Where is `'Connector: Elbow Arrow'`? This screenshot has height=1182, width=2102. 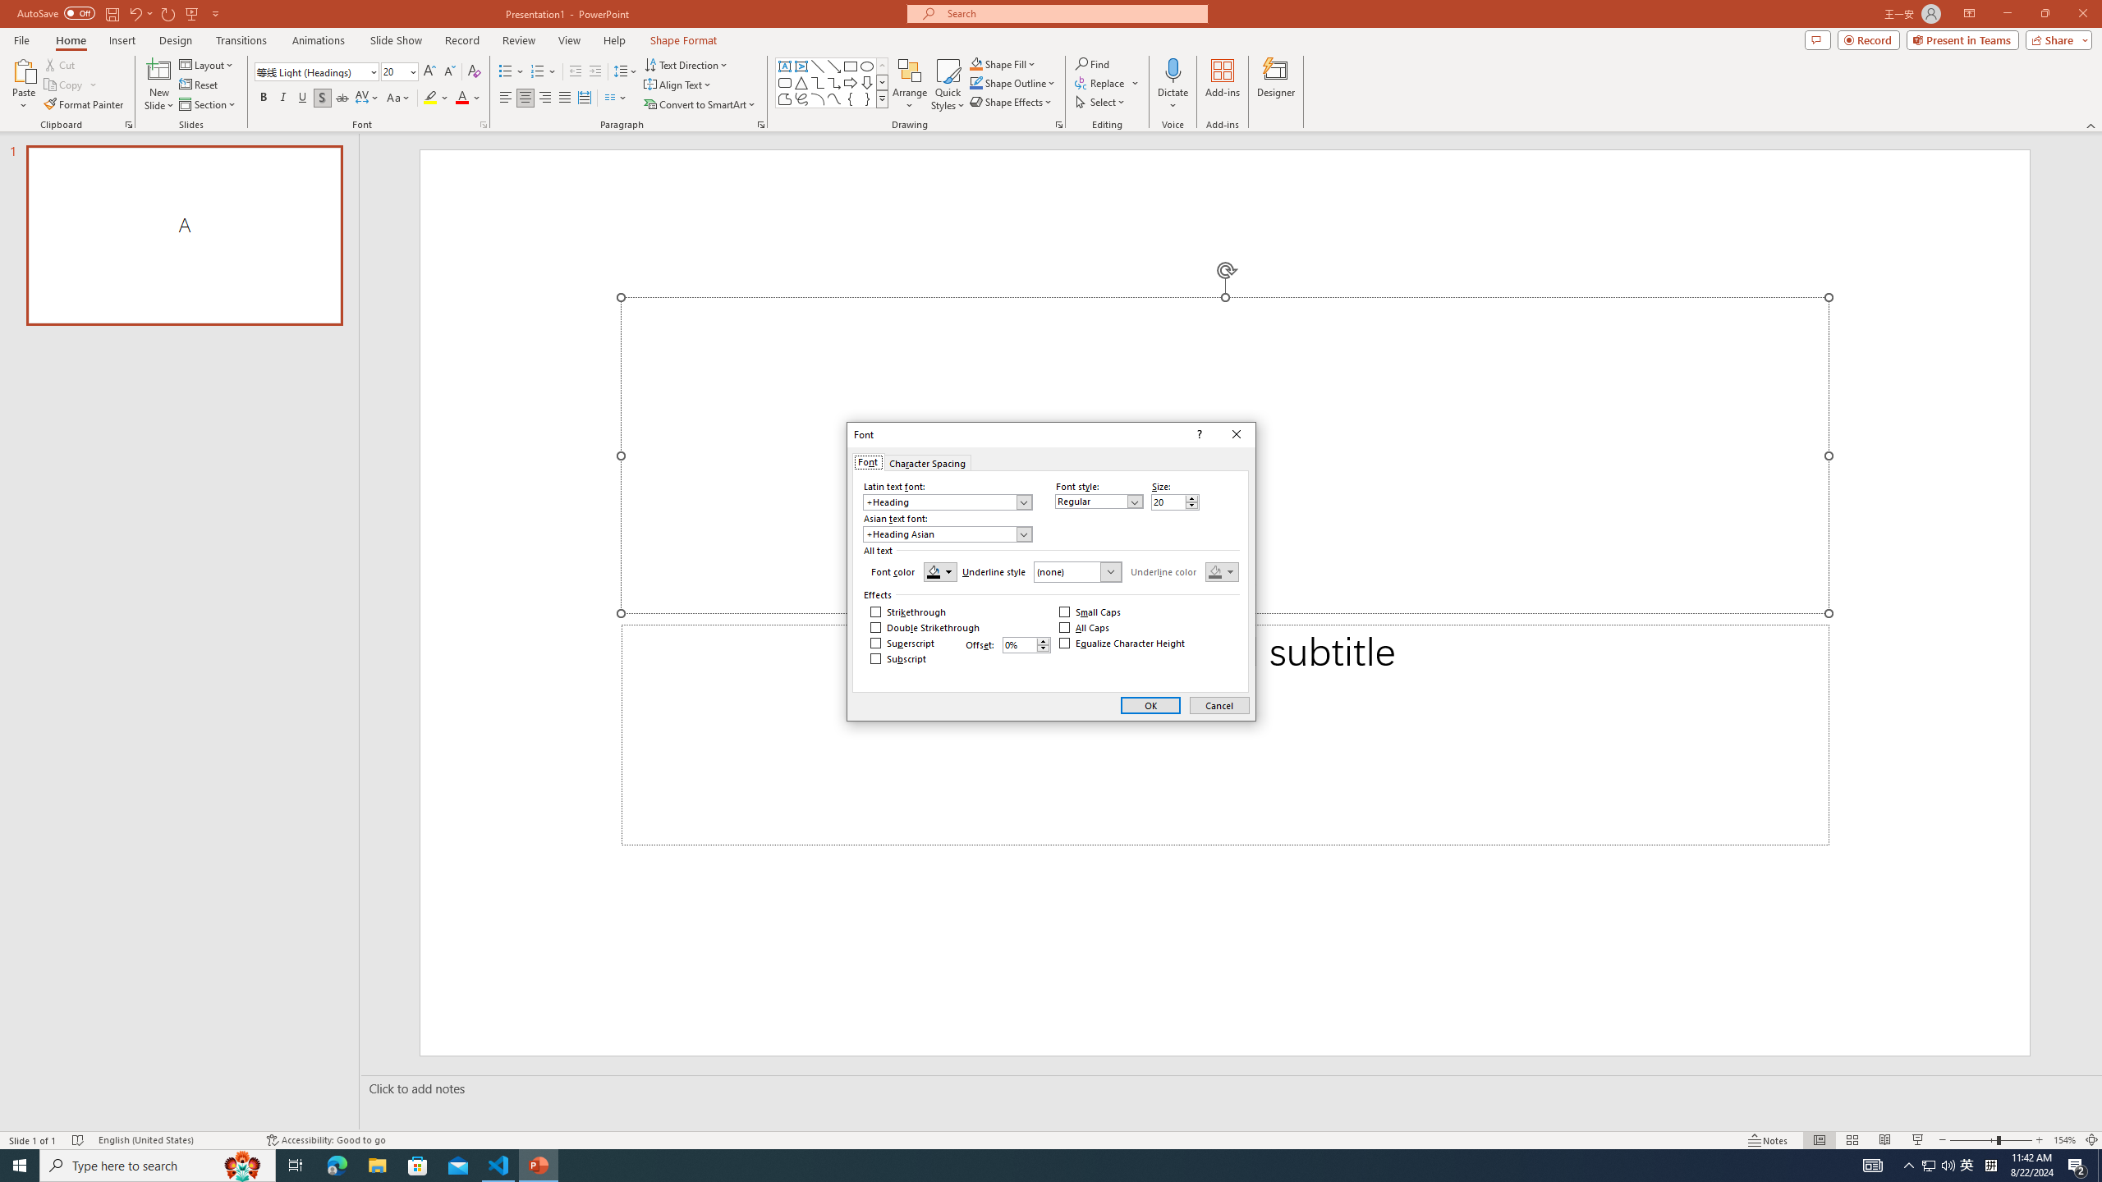 'Connector: Elbow Arrow' is located at coordinates (833, 81).